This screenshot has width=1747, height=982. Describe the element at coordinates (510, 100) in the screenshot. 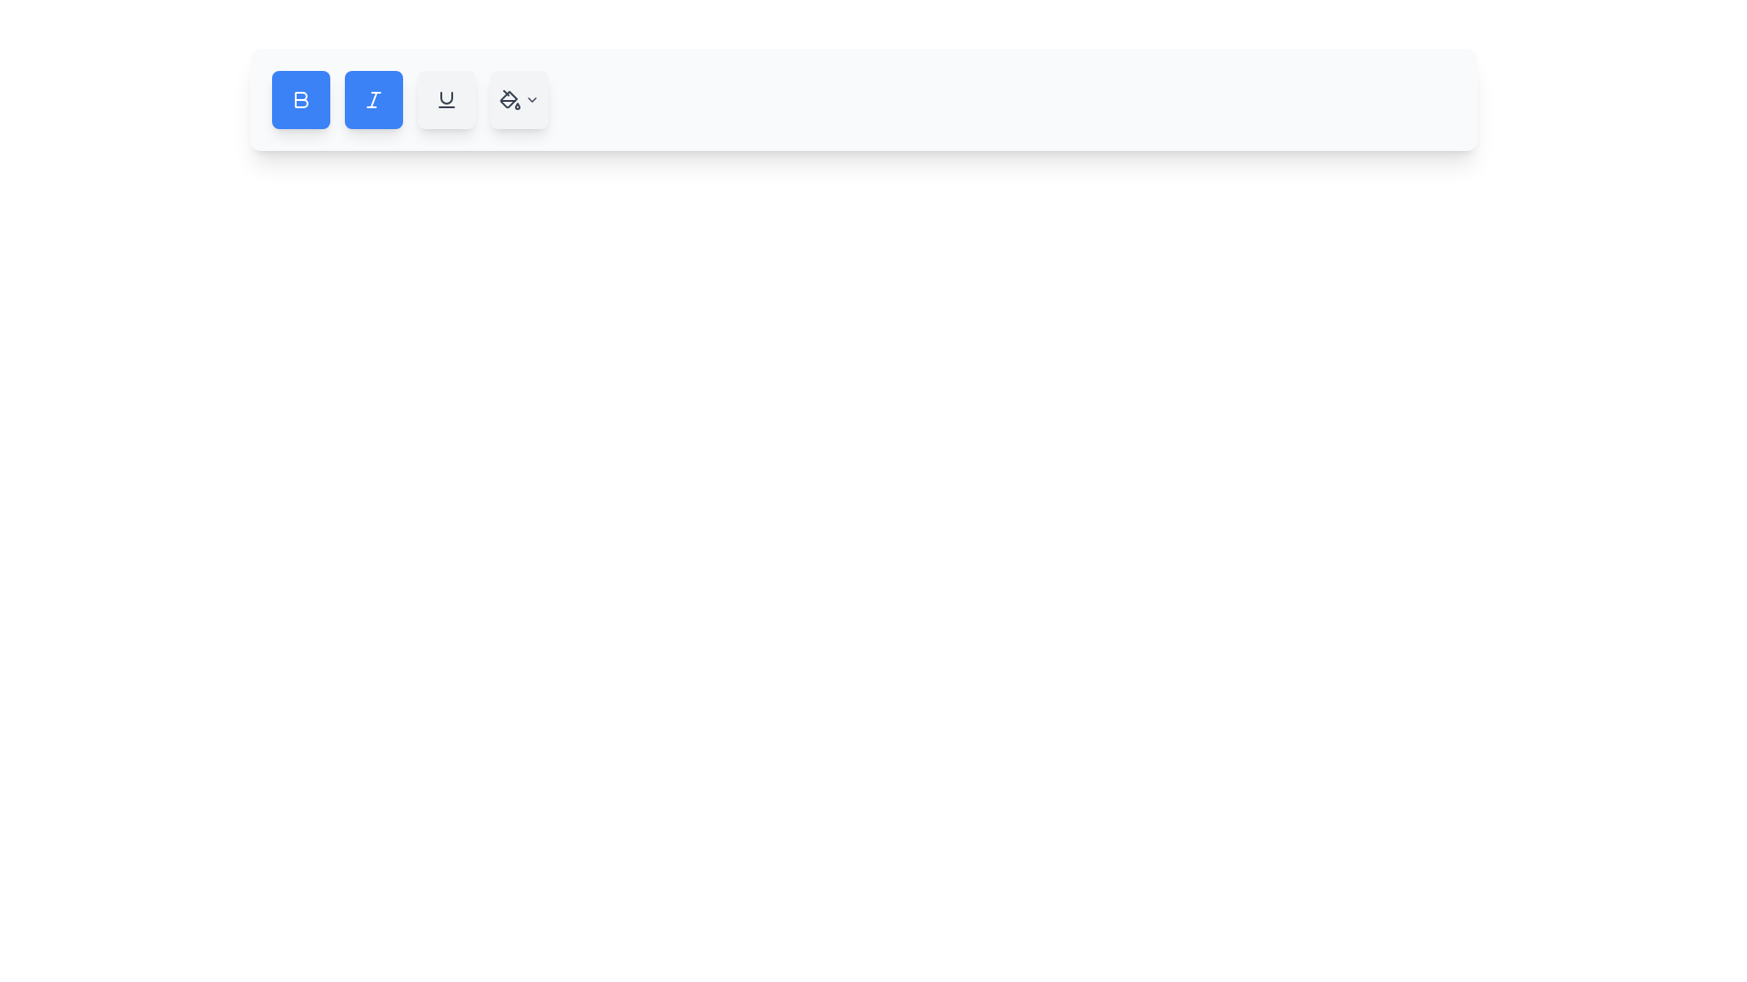

I see `the paint bucket button located in the toolbar` at that location.